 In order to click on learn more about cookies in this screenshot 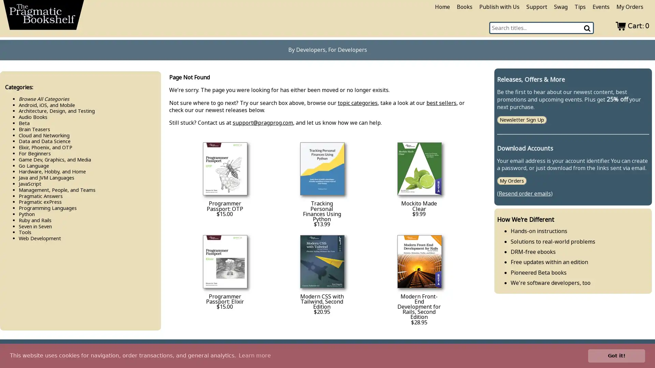, I will do `click(254, 355)`.